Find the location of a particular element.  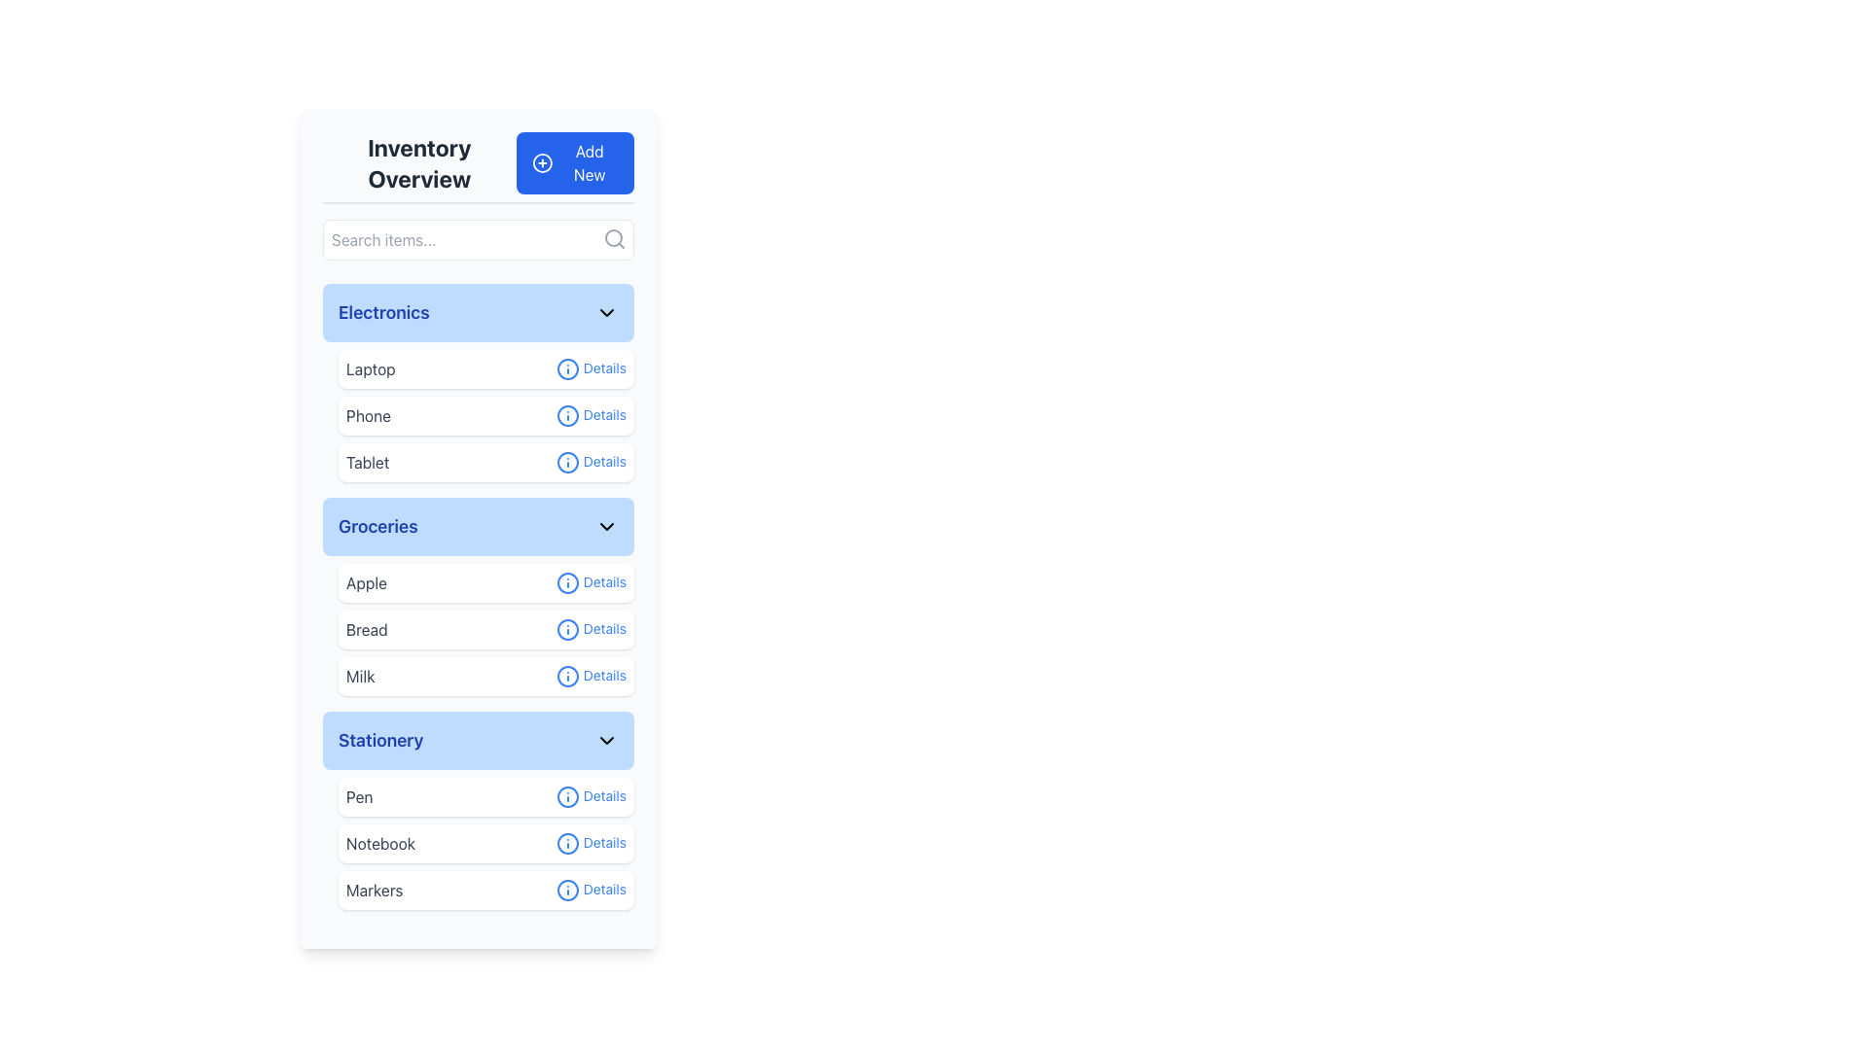

the graphical indicator circle element located to the right of the 'Bread' list item in the 'Groceries' section is located at coordinates (566, 630).